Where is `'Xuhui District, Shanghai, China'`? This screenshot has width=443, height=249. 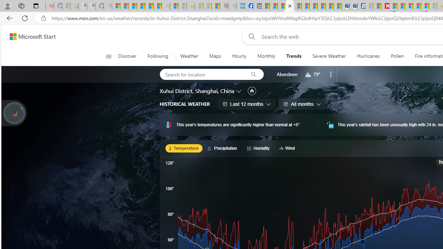
'Xuhui District, Shanghai, China' is located at coordinates (196, 91).